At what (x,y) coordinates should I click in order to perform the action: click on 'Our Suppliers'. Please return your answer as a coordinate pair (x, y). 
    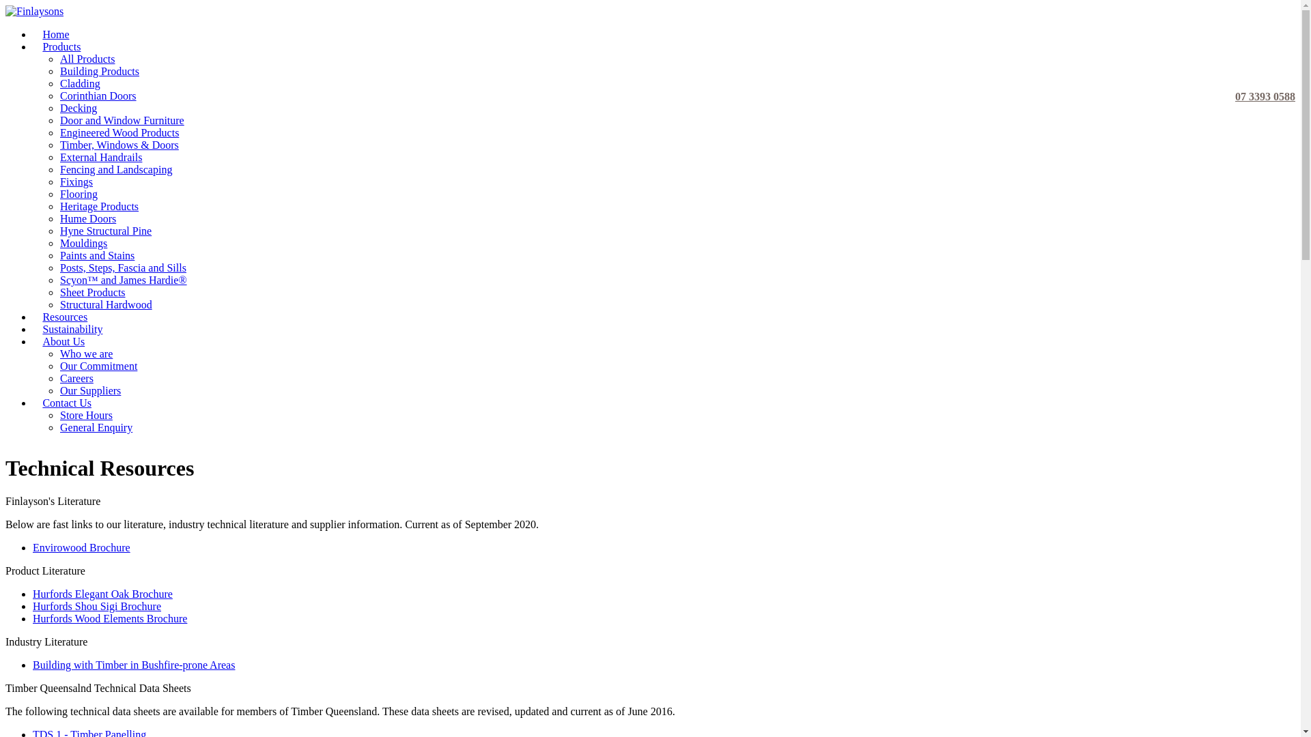
    Looking at the image, I should click on (89, 390).